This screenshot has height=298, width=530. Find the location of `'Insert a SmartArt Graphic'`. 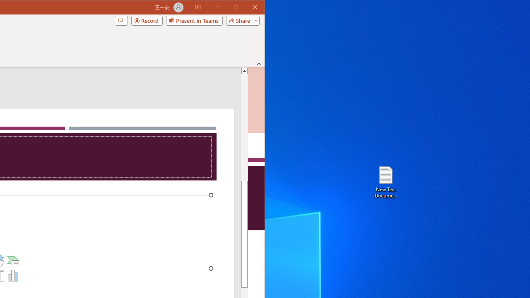

'Insert a SmartArt Graphic' is located at coordinates (13, 261).